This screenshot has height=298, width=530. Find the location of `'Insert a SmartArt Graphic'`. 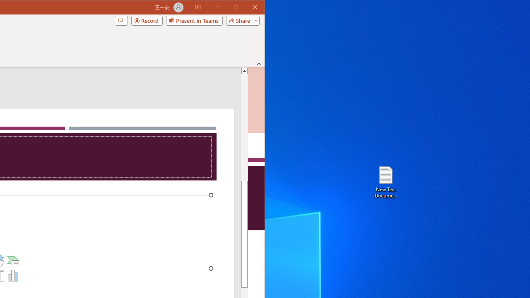

'Insert a SmartArt Graphic' is located at coordinates (13, 261).